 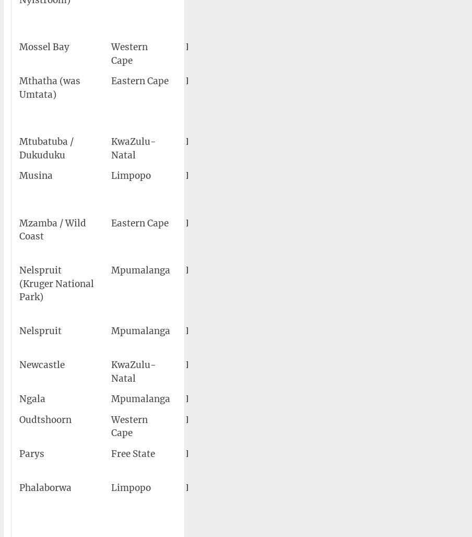 What do you see at coordinates (269, 452) in the screenshot?
I see `'Parys Airport'` at bounding box center [269, 452].